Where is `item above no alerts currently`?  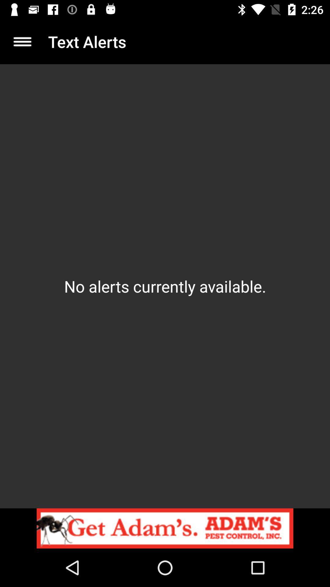
item above no alerts currently is located at coordinates (22, 41).